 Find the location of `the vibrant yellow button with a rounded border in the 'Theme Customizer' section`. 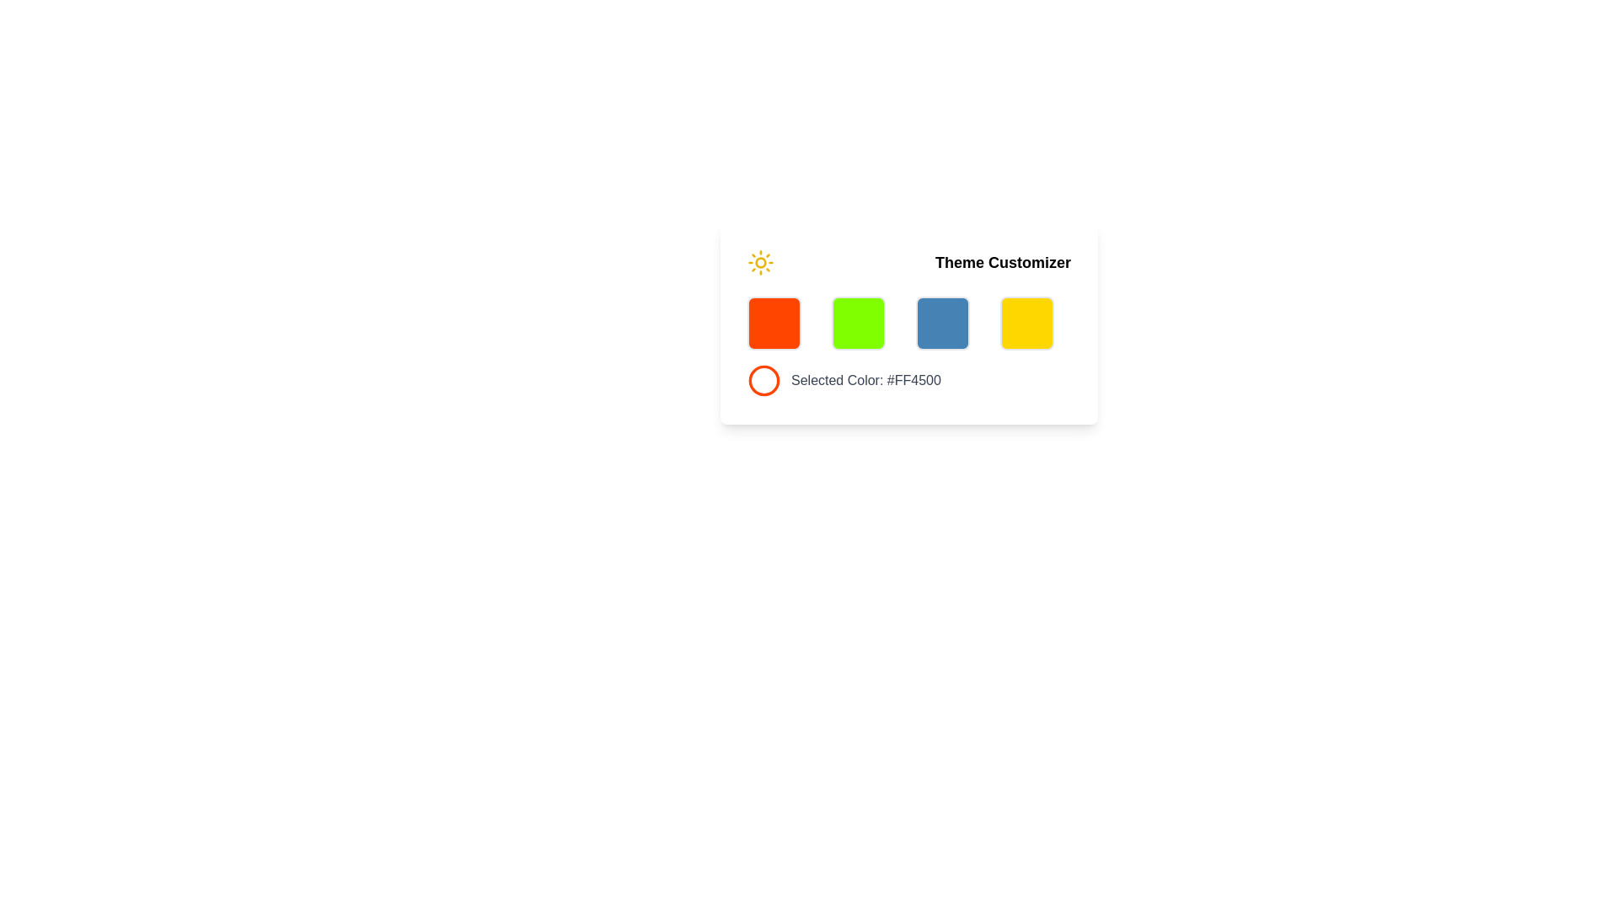

the vibrant yellow button with a rounded border in the 'Theme Customizer' section is located at coordinates (1026, 324).